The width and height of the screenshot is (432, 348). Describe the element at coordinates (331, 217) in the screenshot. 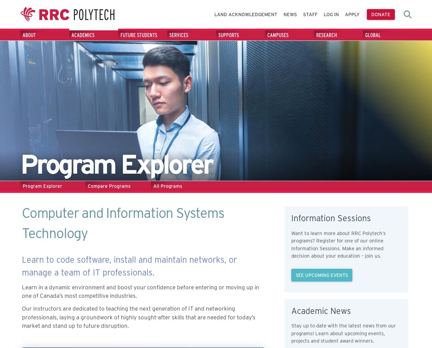

I see `'Information Sessions'` at that location.